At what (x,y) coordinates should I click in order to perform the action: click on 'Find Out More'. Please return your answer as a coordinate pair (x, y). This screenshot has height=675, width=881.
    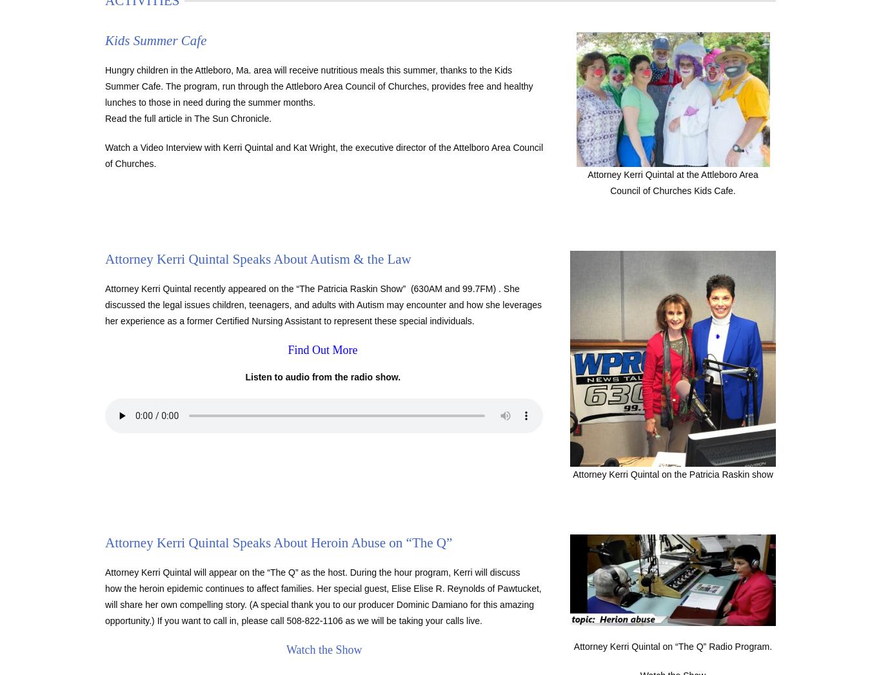
    Looking at the image, I should click on (286, 349).